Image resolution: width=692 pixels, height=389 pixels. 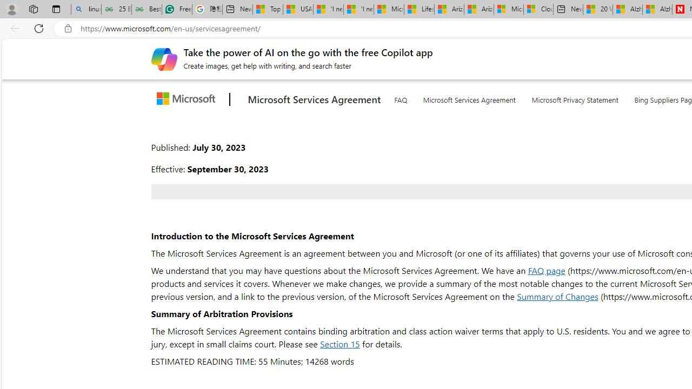 What do you see at coordinates (538, 9) in the screenshot?
I see `'Cloud Computing Services | Microsoft Azure'` at bounding box center [538, 9].